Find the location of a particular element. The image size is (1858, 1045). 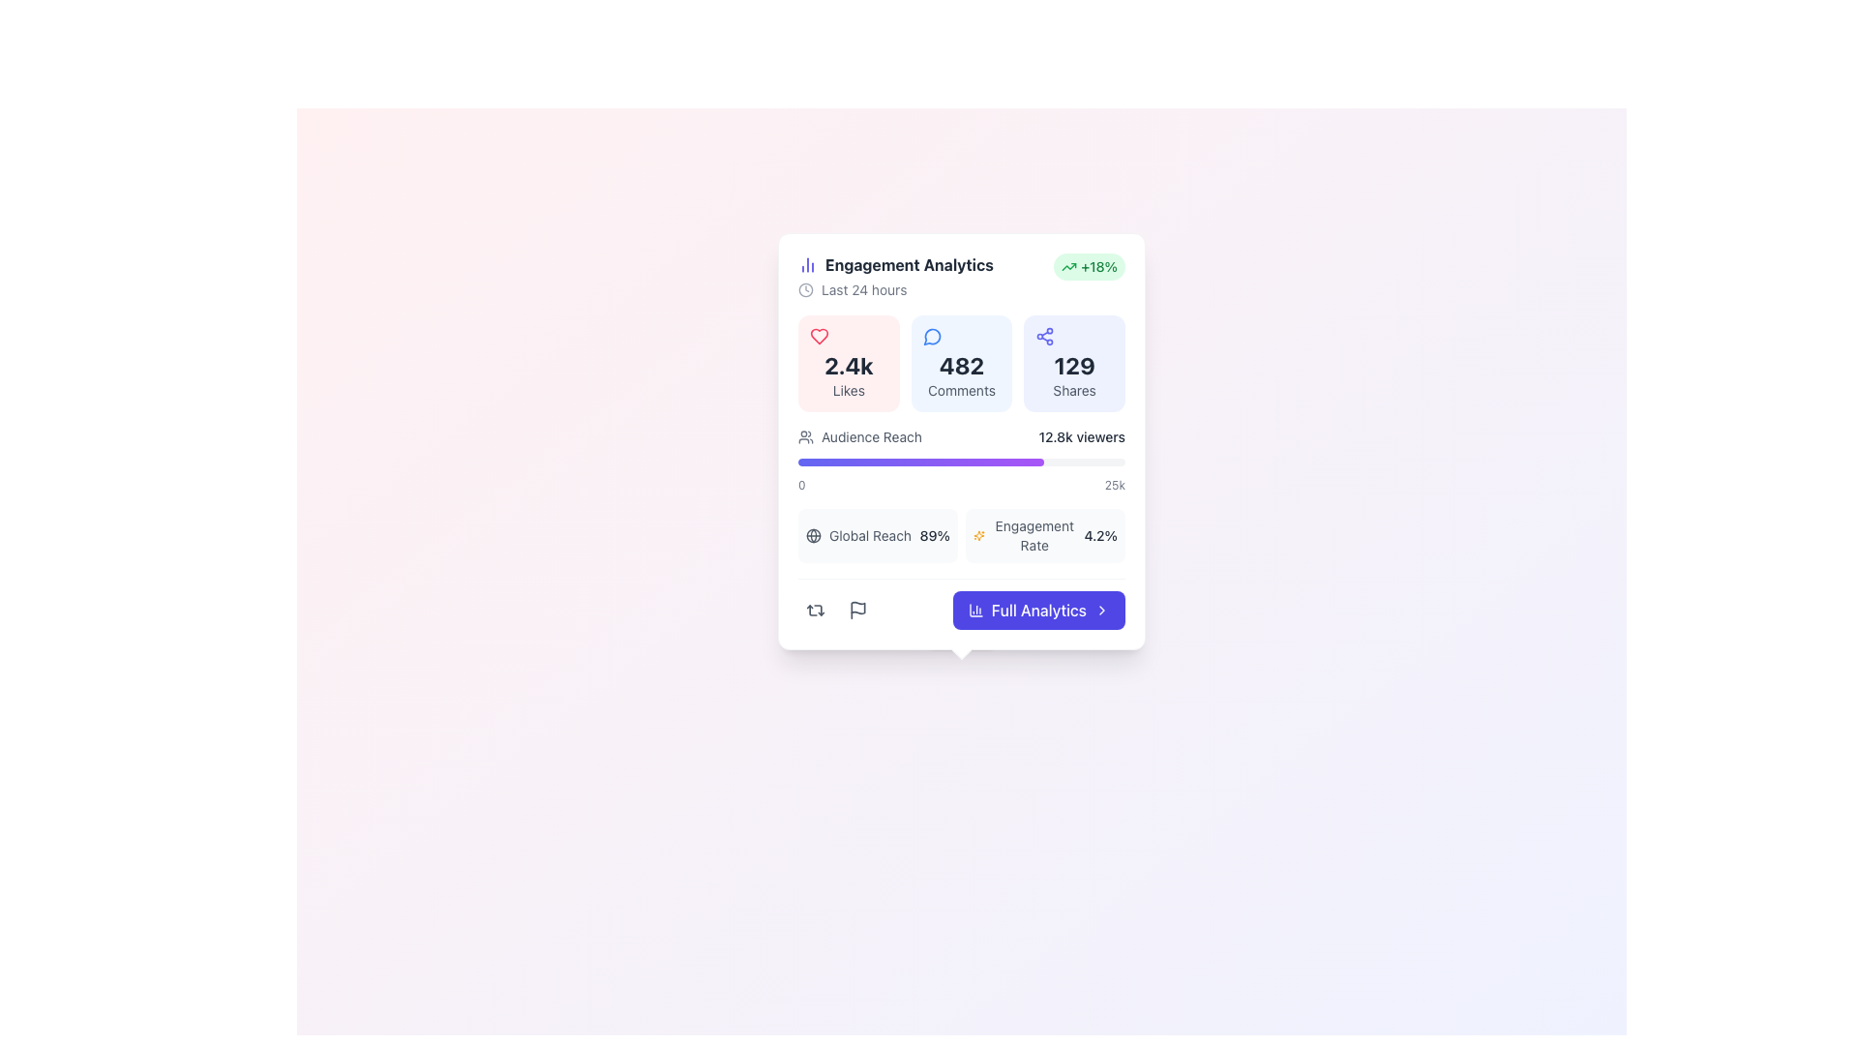

the heart-shaped icon located within the 'Likes' section of the analytics summary card, which is adjacent to the '2.4k Likes' text is located at coordinates (819, 335).